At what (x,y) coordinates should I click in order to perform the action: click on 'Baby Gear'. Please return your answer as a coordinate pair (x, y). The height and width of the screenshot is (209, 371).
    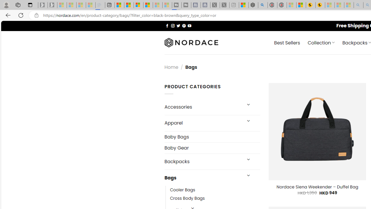
    Looking at the image, I should click on (212, 147).